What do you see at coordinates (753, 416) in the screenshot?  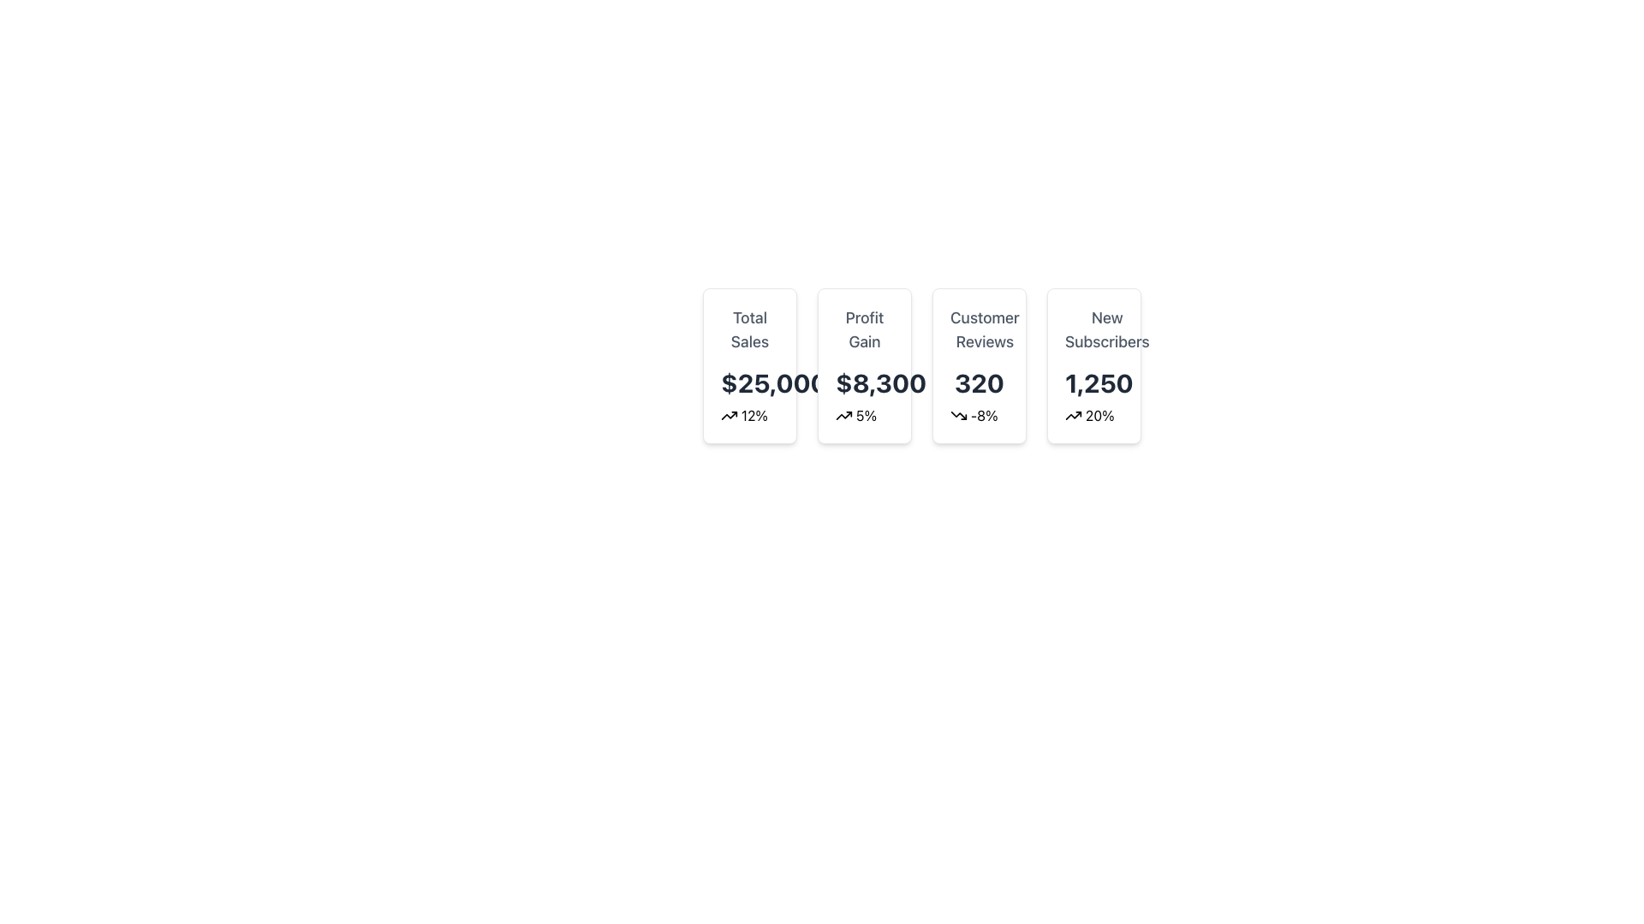 I see `percentage change or growth displayed in the text label located beneath the '$25,000' label and to the right of the upward-facing arrow icon in the metric box` at bounding box center [753, 416].